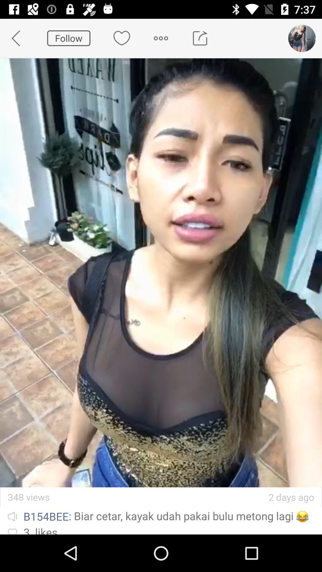 The height and width of the screenshot is (572, 322). What do you see at coordinates (161, 529) in the screenshot?
I see `item below ib154bee biar cetar icon` at bounding box center [161, 529].